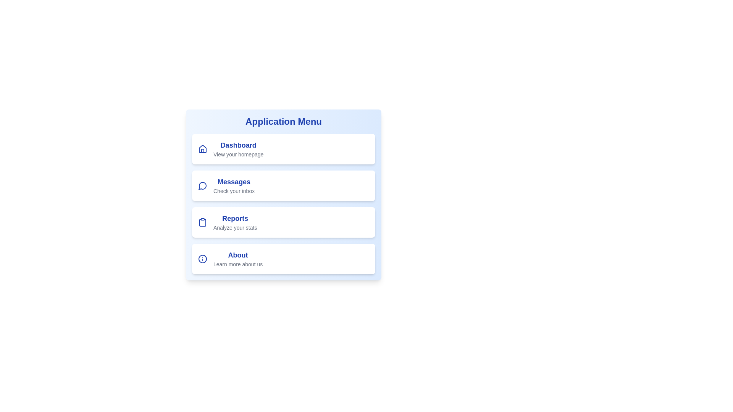 This screenshot has height=412, width=733. Describe the element at coordinates (283, 222) in the screenshot. I see `the menu item labeled Reports to view its hover effect` at that location.